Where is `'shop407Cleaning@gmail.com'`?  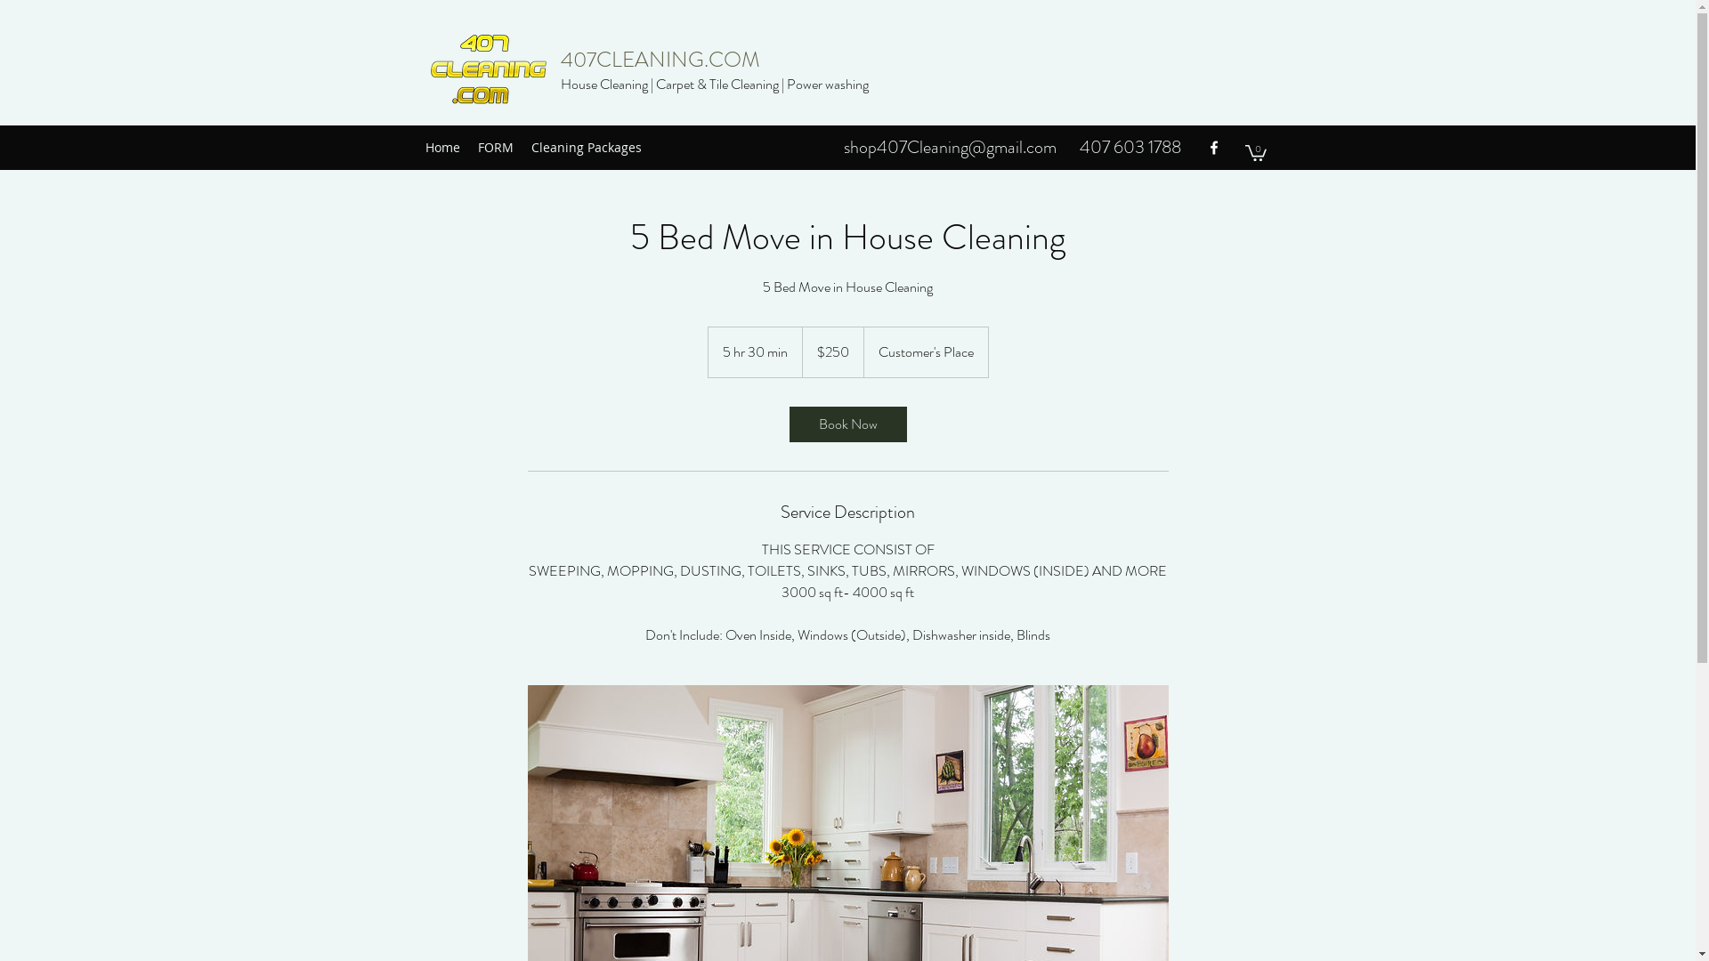
'shop407Cleaning@gmail.com' is located at coordinates (949, 146).